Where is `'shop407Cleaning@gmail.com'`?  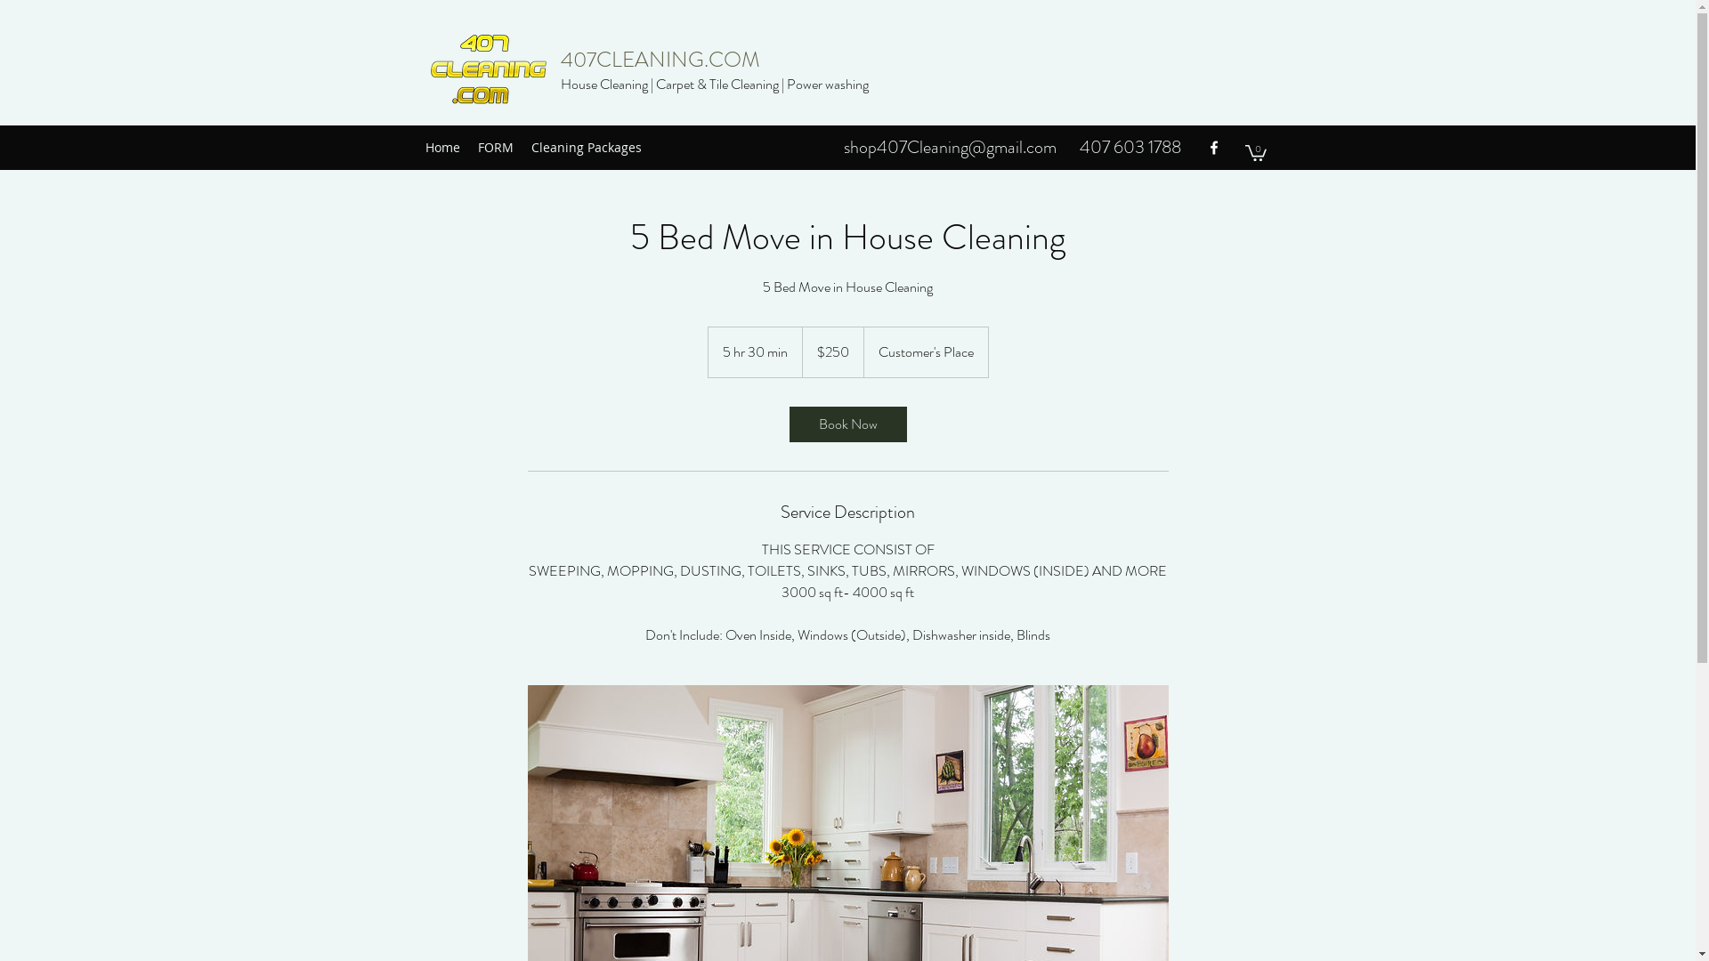
'shop407Cleaning@gmail.com' is located at coordinates (949, 146).